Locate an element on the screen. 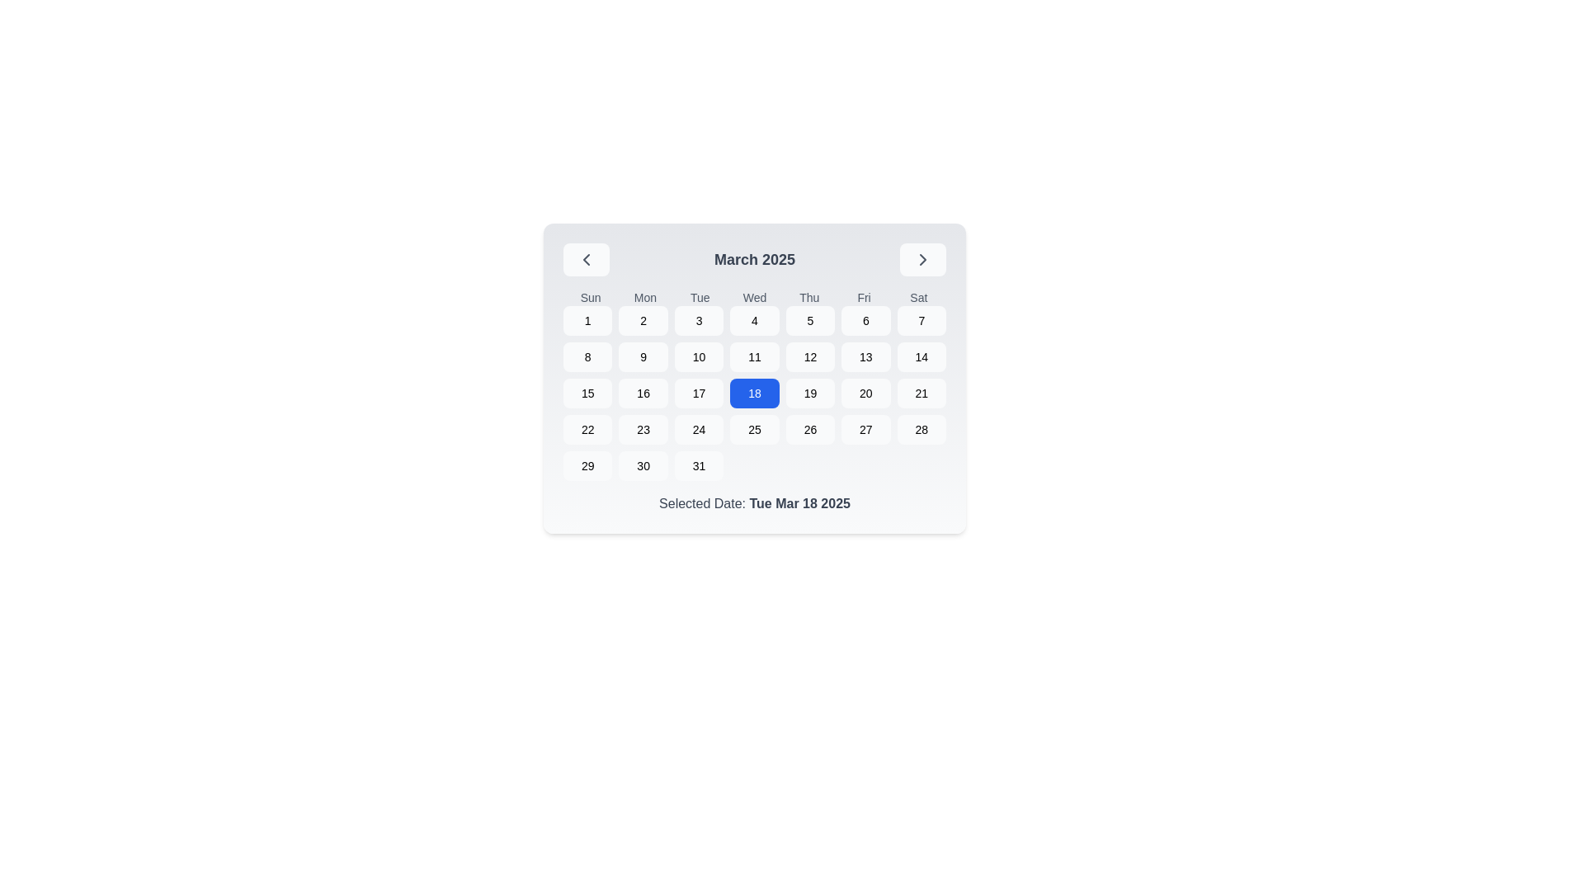 The width and height of the screenshot is (1584, 891). the calendar date button representing the day '8' located under the 'Sun' column in the second row is located at coordinates (587, 356).